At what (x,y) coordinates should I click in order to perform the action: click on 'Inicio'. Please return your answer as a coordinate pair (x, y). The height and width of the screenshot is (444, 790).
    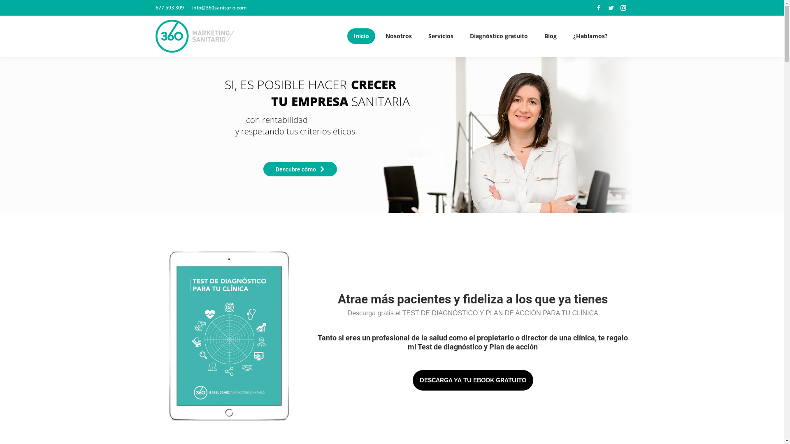
    Looking at the image, I should click on (361, 36).